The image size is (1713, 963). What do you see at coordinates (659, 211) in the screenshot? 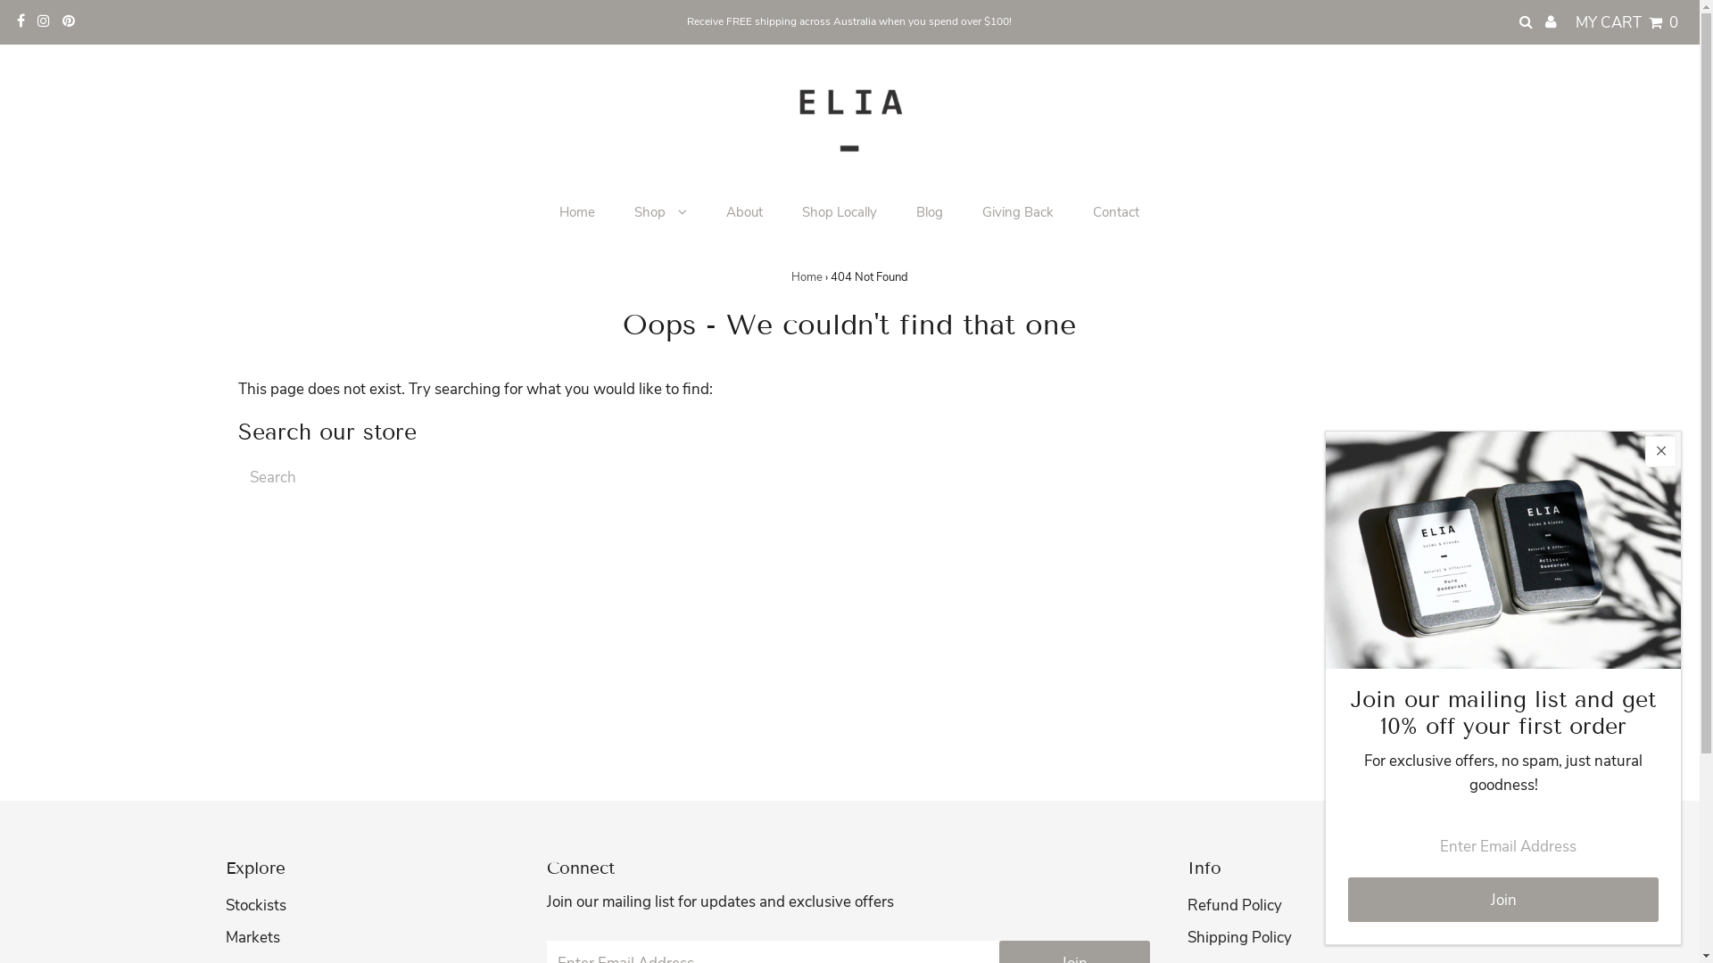
I see `'Shop'` at bounding box center [659, 211].